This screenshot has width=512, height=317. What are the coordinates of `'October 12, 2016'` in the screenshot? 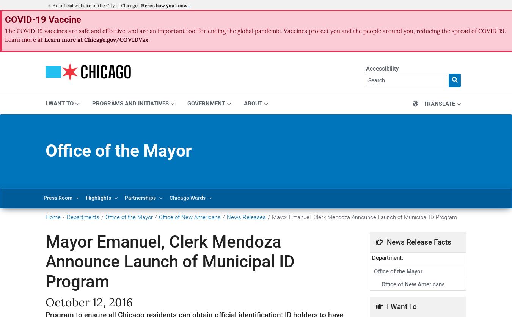 It's located at (89, 301).